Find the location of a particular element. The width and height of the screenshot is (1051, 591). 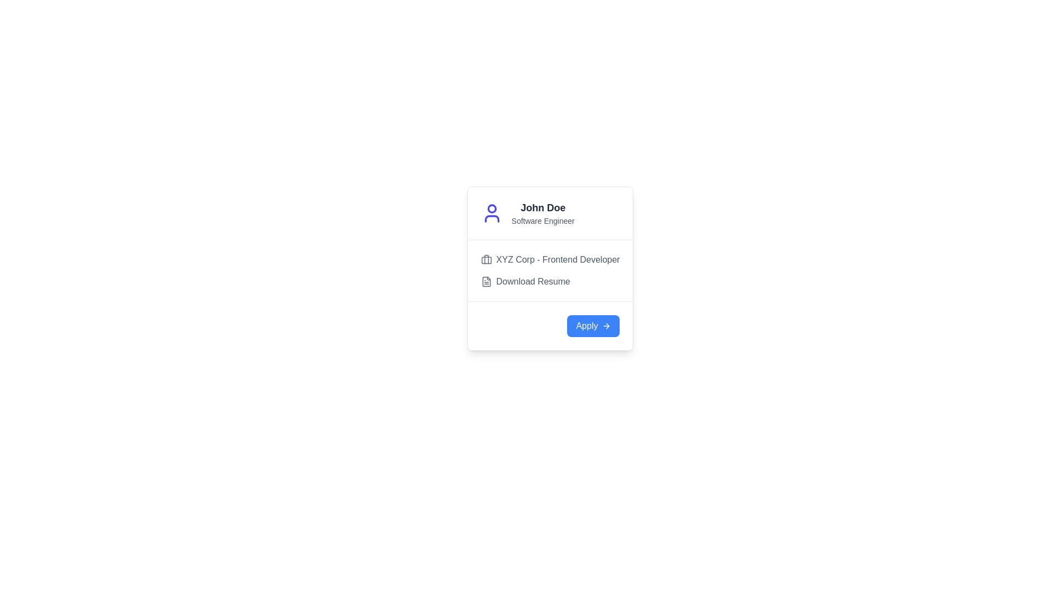

the profile icon representing the user, which is the leftmost item in the row adjacent to the texts 'John Doe' and 'Software Engineer.' is located at coordinates (491, 213).